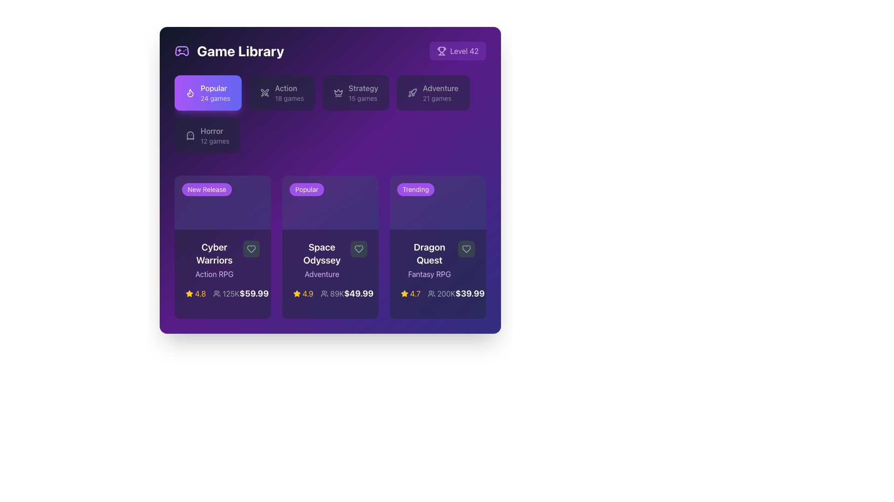 This screenshot has width=894, height=502. I want to click on the text label displaying '21 games', which is positioned beneath the 'Adventure' header in the Adventure category box, for information purposes, so click(440, 99).